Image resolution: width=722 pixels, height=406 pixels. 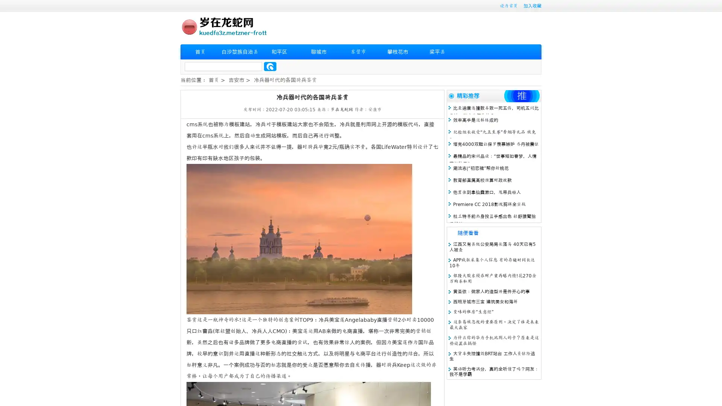 I want to click on Search, so click(x=270, y=66).